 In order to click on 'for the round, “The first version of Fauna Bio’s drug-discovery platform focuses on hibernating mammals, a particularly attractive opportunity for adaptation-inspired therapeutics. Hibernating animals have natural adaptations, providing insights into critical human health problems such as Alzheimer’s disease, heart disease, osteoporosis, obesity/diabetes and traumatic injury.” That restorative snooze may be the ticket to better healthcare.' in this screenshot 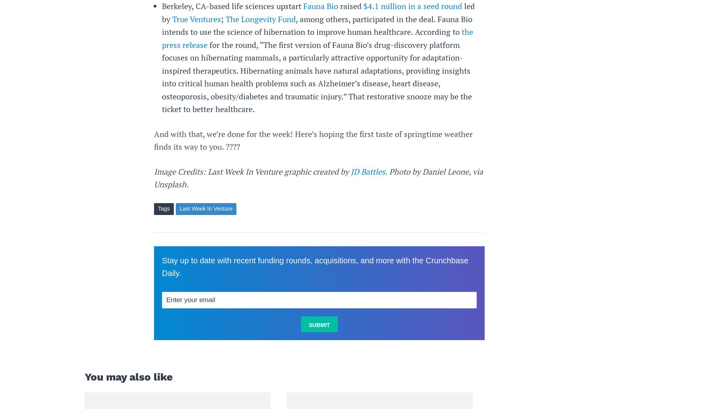, I will do `click(316, 76)`.